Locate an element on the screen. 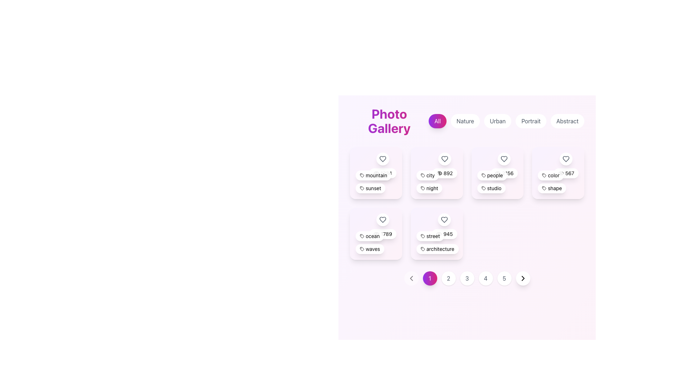  the label containing the tags 'street' and 'architecture' to interact with associated actions is located at coordinates (436, 242).